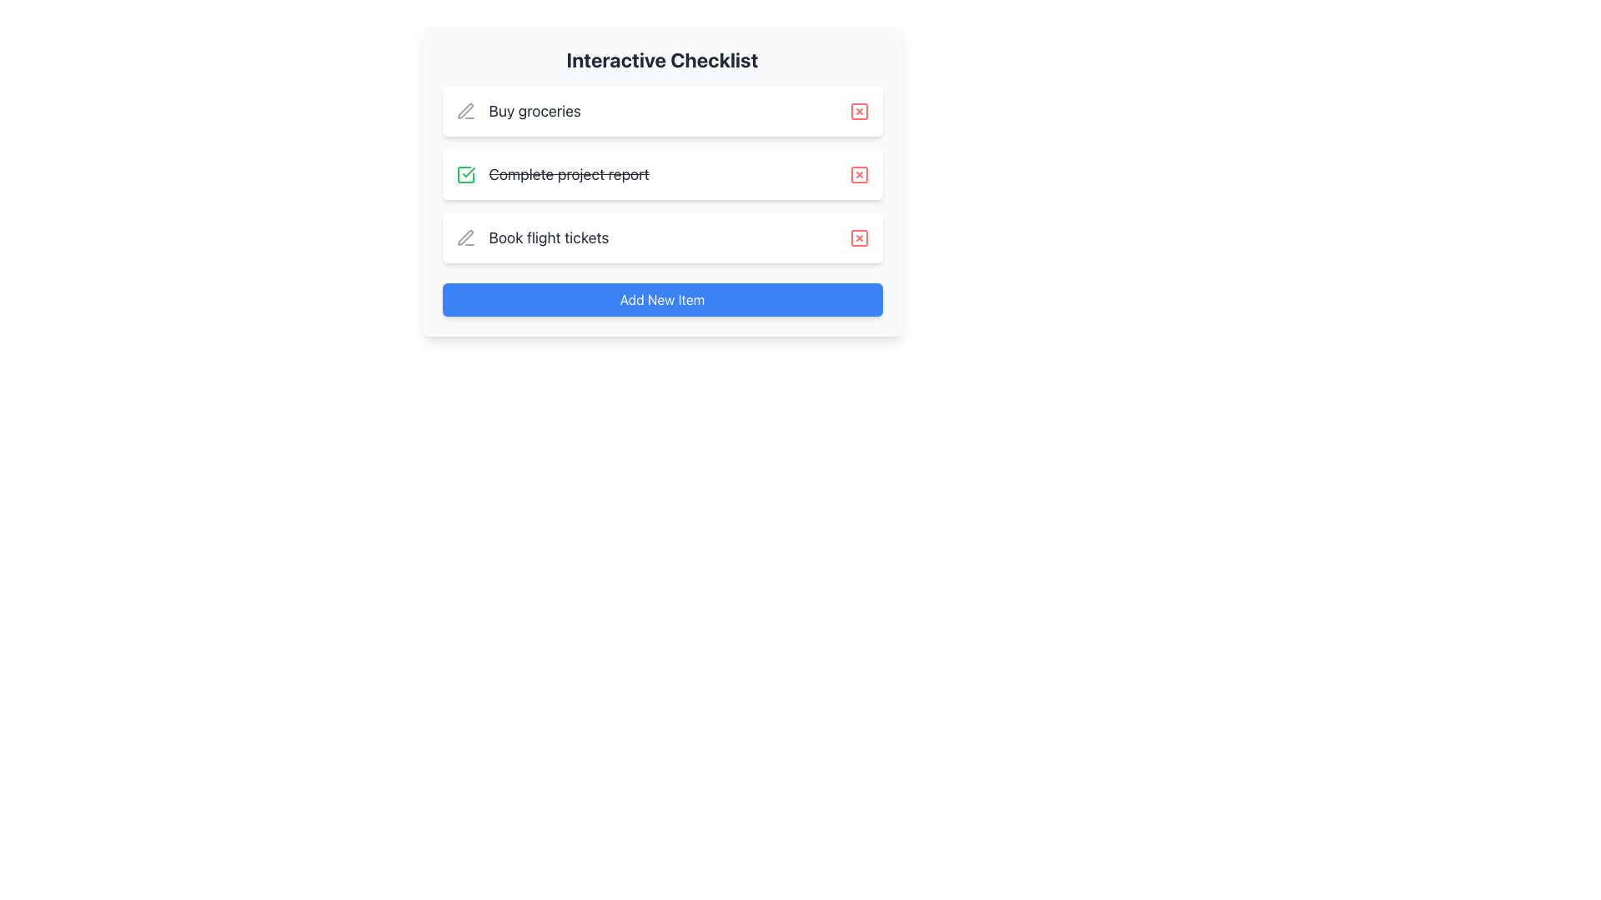 The image size is (1601, 900). I want to click on the text label component stating 'Complete project report' with a strikethrough effect, indicating task completion, located centrally in the checklist, so click(552, 174).